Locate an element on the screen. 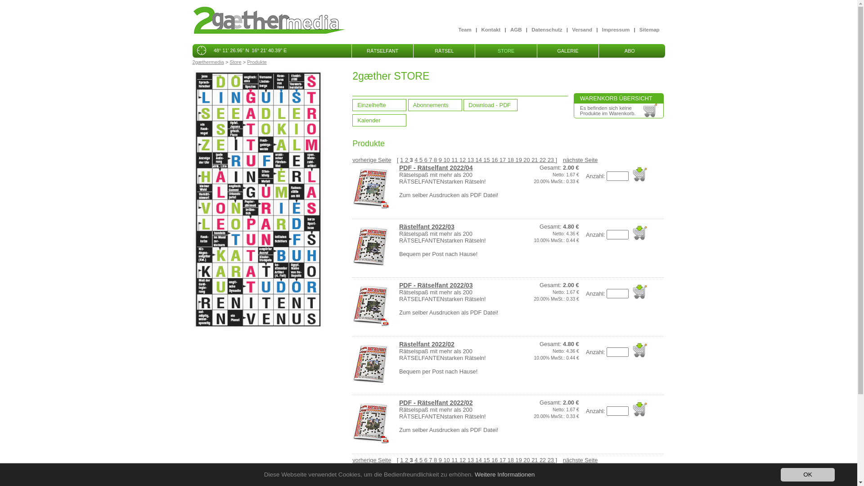 This screenshot has width=864, height=486. 'Team' is located at coordinates (458, 29).